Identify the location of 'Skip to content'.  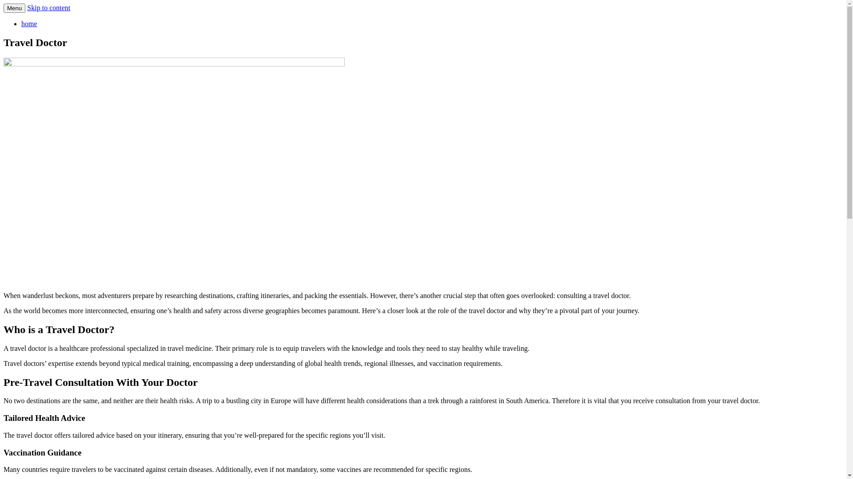
(48, 8).